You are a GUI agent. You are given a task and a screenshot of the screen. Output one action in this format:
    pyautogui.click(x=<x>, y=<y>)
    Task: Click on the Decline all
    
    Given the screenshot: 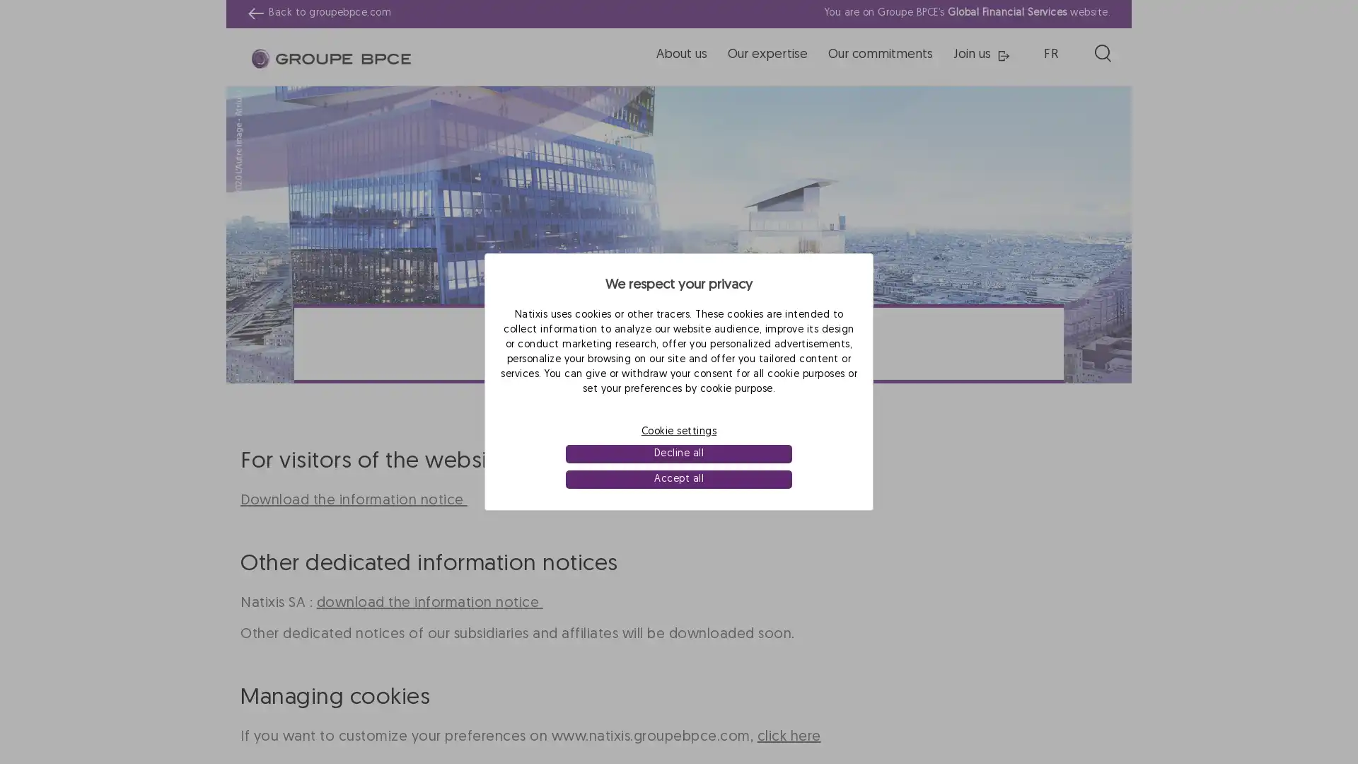 What is the action you would take?
    pyautogui.click(x=678, y=453)
    